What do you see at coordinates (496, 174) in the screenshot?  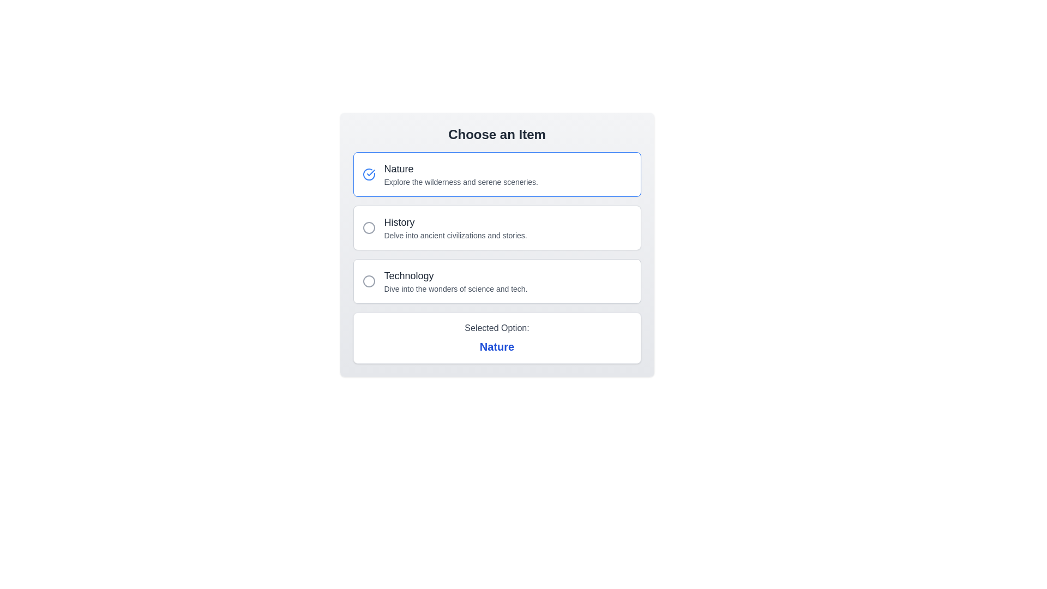 I see `the 'Nature' selectable card button` at bounding box center [496, 174].